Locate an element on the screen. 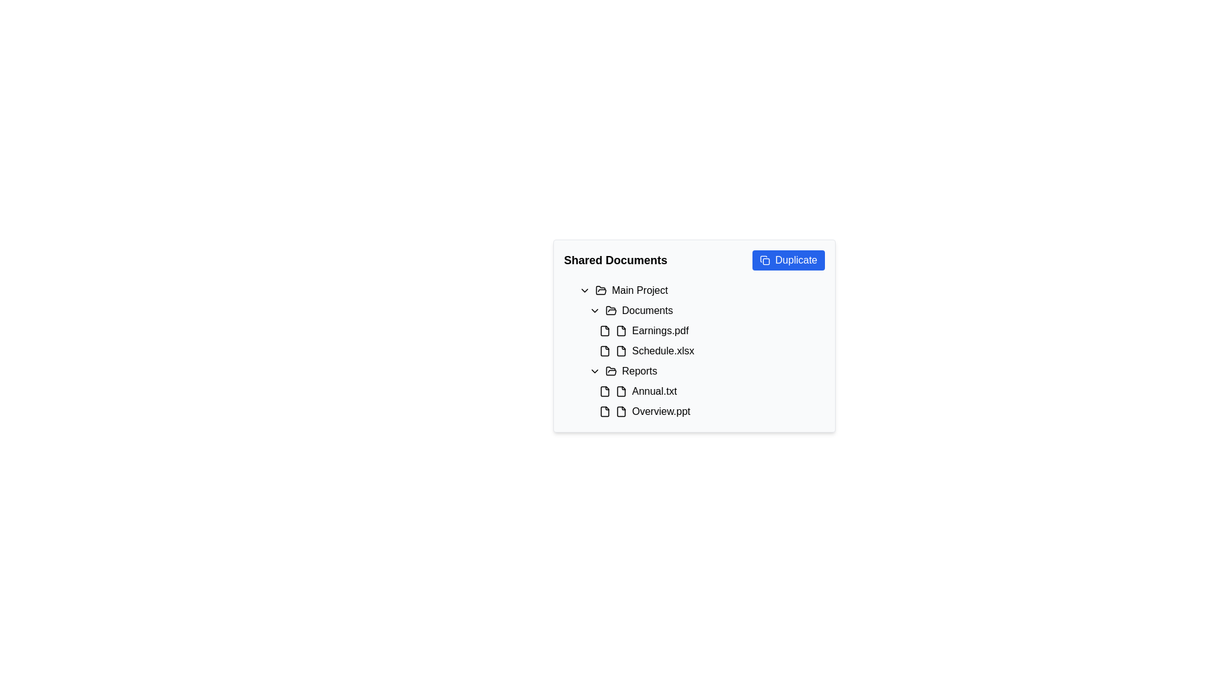 This screenshot has height=681, width=1210. the 'Documents' text label is located at coordinates (647, 311).